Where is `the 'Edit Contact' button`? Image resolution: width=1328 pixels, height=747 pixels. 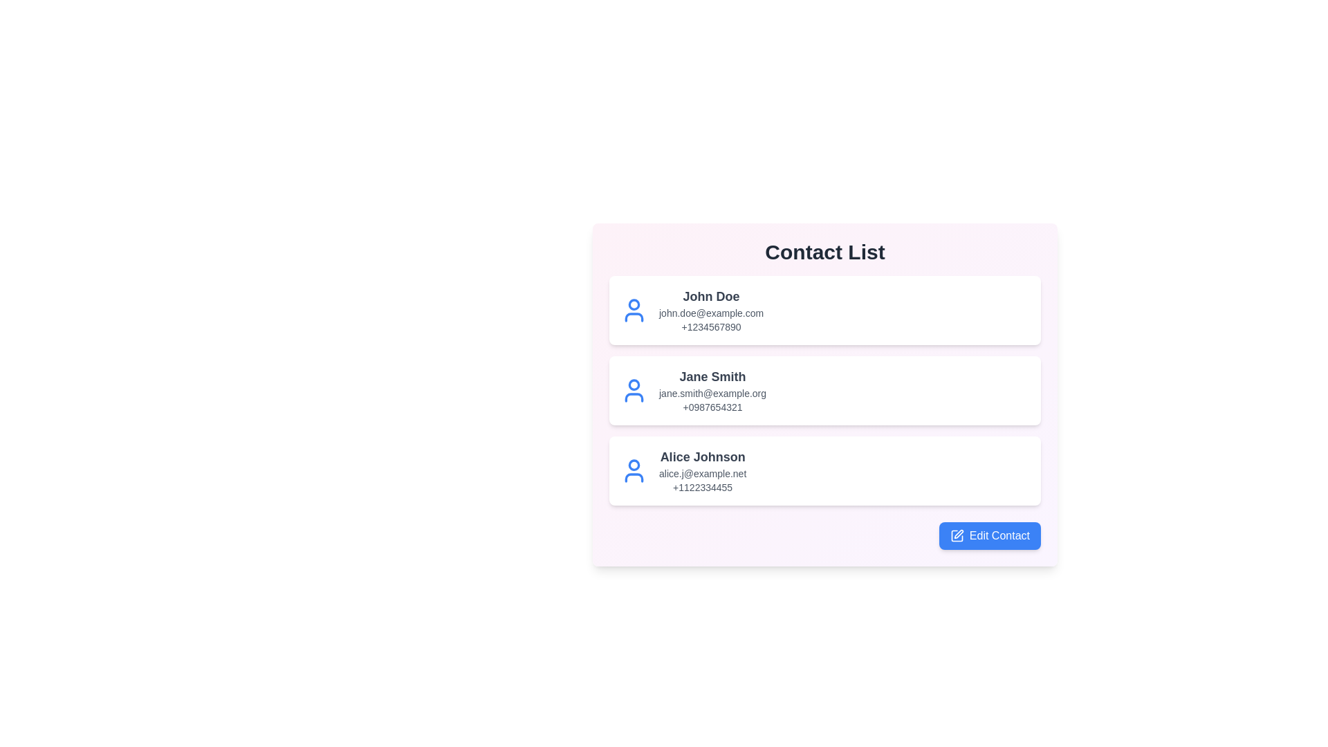 the 'Edit Contact' button is located at coordinates (988, 535).